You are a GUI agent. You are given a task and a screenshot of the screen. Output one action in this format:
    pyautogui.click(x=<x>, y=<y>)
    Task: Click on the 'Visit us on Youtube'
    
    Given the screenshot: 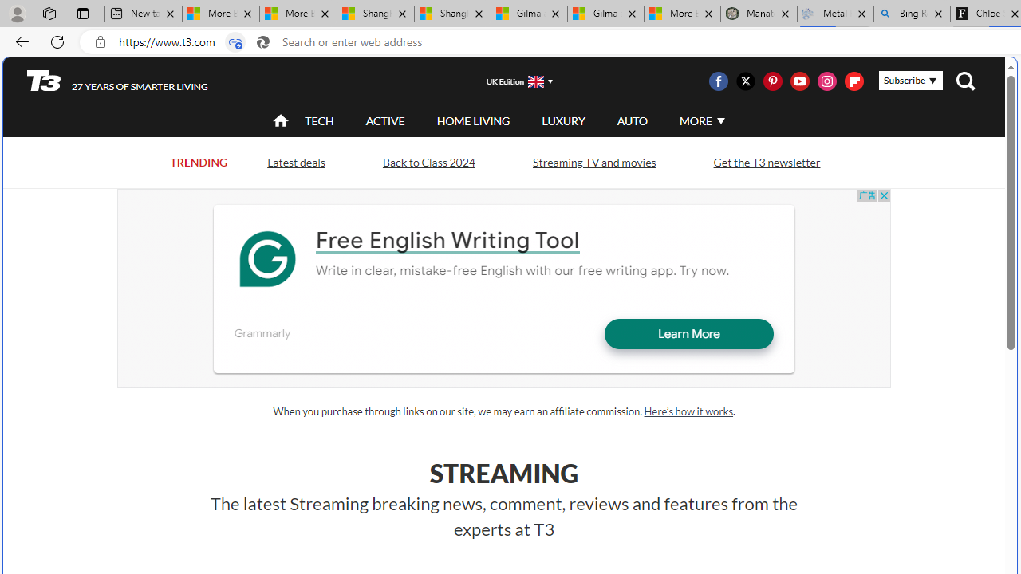 What is the action you would take?
    pyautogui.click(x=799, y=81)
    